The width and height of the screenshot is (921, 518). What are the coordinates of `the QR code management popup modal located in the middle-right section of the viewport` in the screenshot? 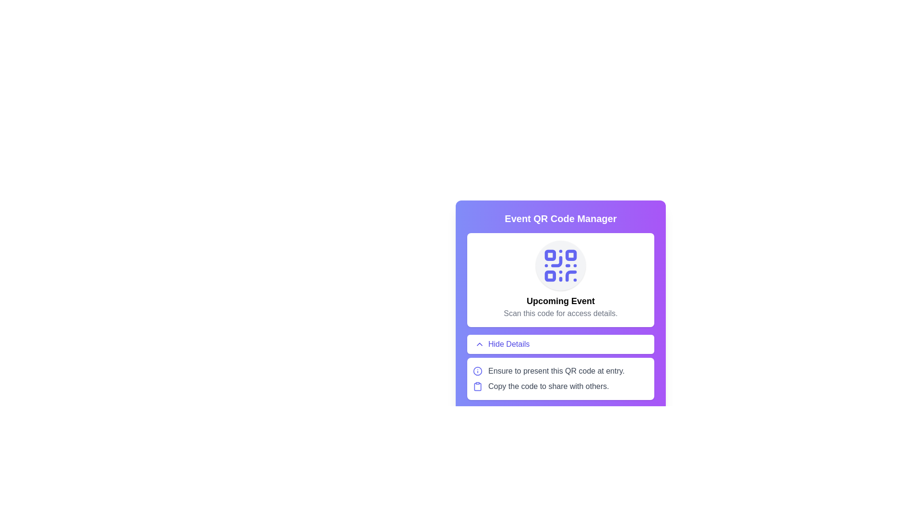 It's located at (561, 287).